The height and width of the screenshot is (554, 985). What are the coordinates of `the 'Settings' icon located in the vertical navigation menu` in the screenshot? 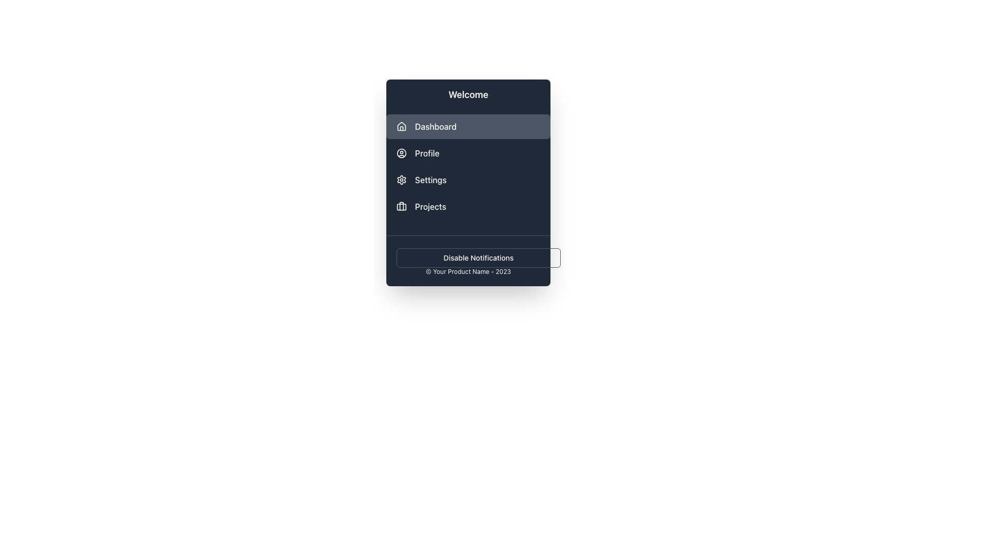 It's located at (401, 180).